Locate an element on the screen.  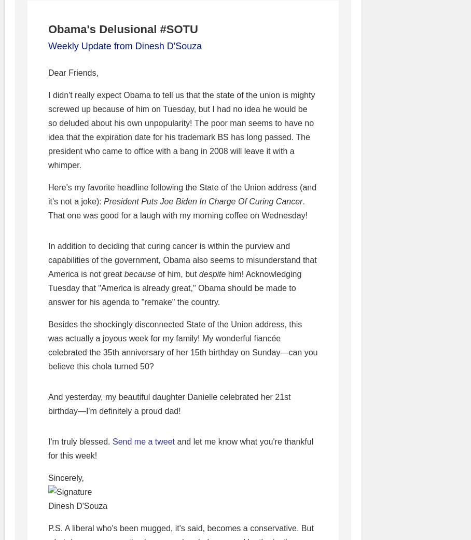
'. That one was good for a laugh with my morning coffee on Wednesday!' is located at coordinates (178, 209).